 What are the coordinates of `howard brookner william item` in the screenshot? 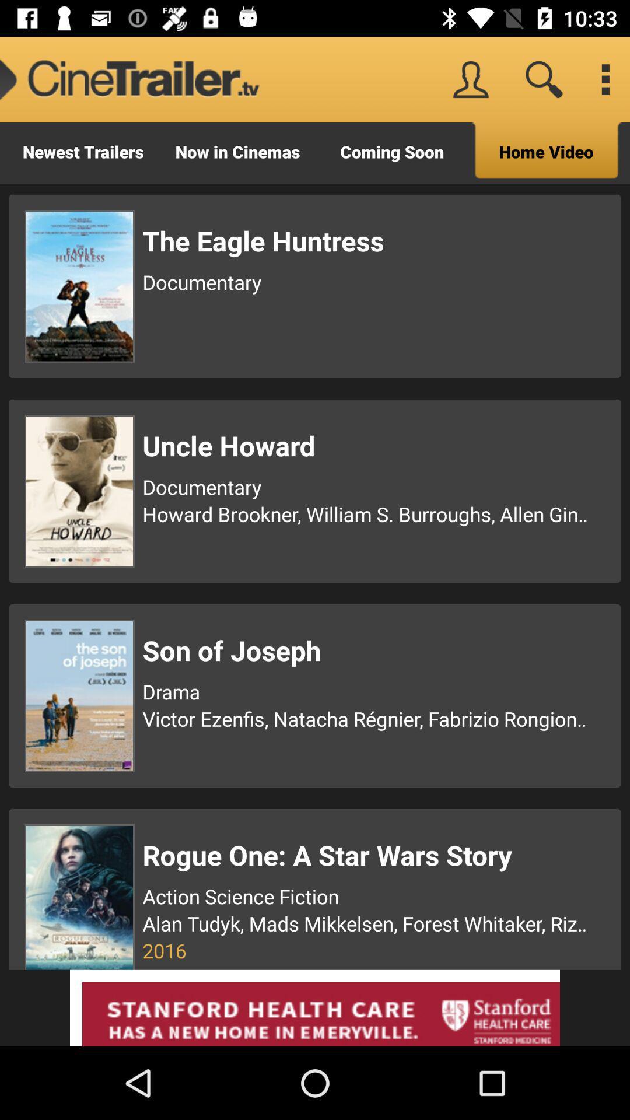 It's located at (366, 513).